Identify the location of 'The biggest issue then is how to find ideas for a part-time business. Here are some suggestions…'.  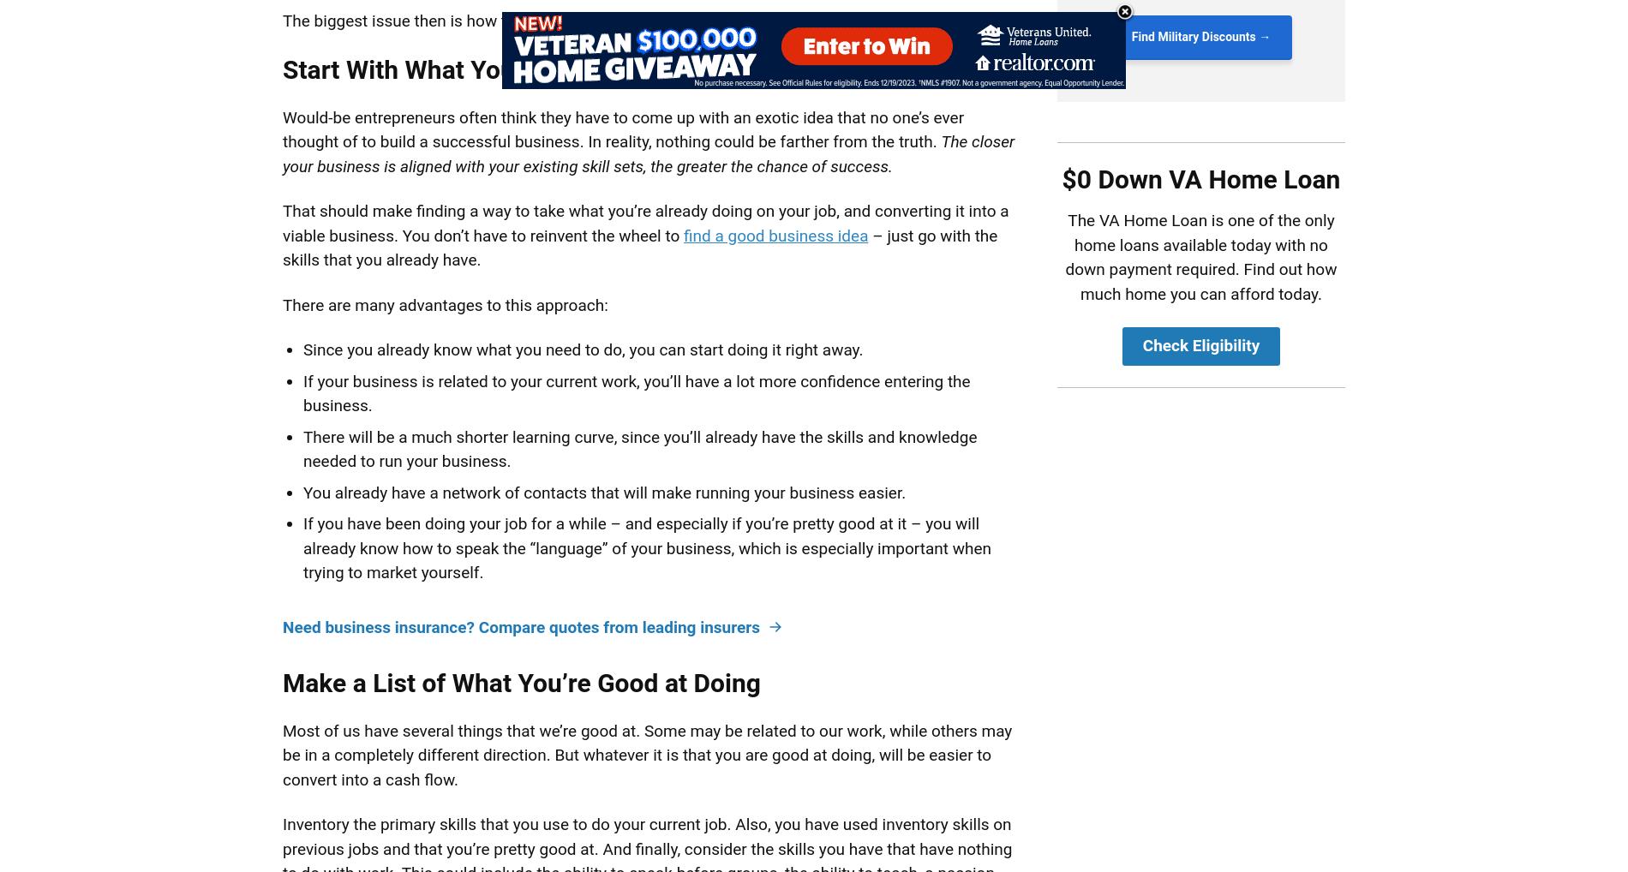
(631, 20).